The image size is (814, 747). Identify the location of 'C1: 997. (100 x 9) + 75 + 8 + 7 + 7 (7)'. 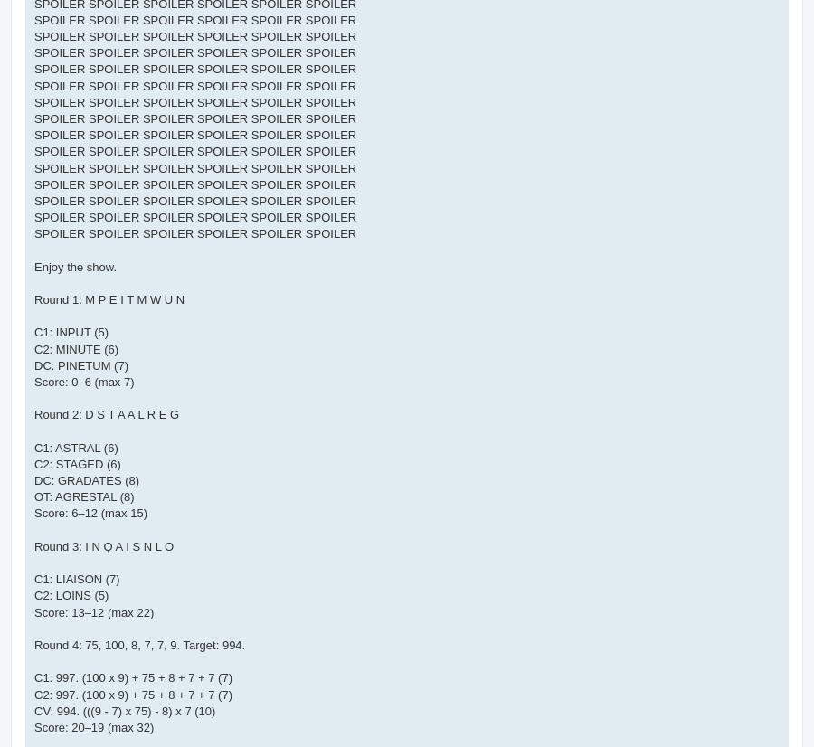
(33, 676).